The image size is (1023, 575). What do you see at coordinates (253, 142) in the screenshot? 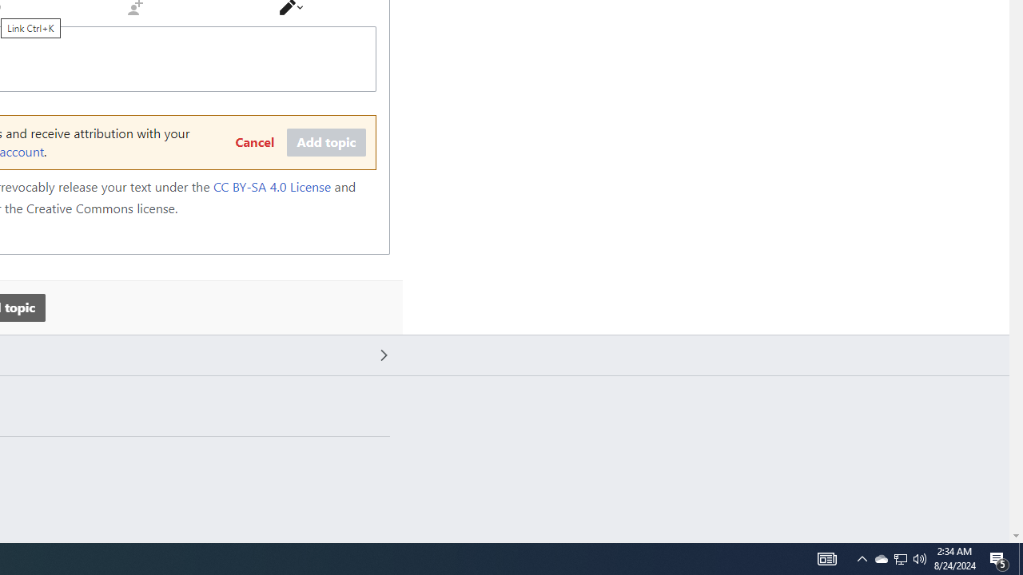
I see `'Cancel'` at bounding box center [253, 142].